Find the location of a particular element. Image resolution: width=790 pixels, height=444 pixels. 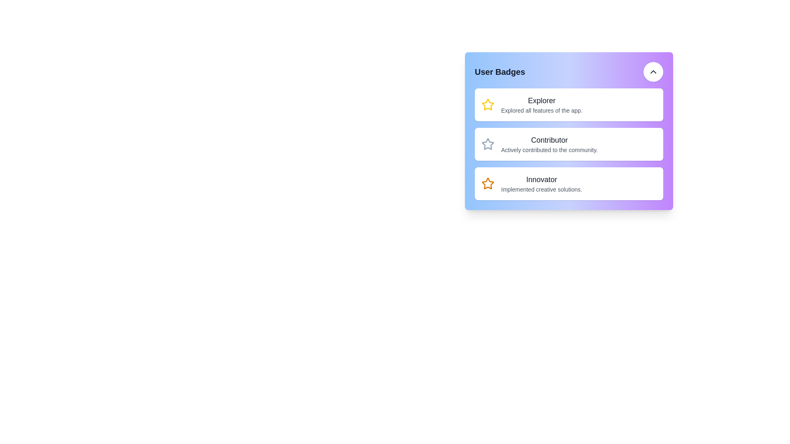

the Card component, which is the second item in the 'User Badges' section, featuring a gradient background and labeled subsections 'Explorer,' 'Contributor,' and 'Innovator.' is located at coordinates (568, 131).